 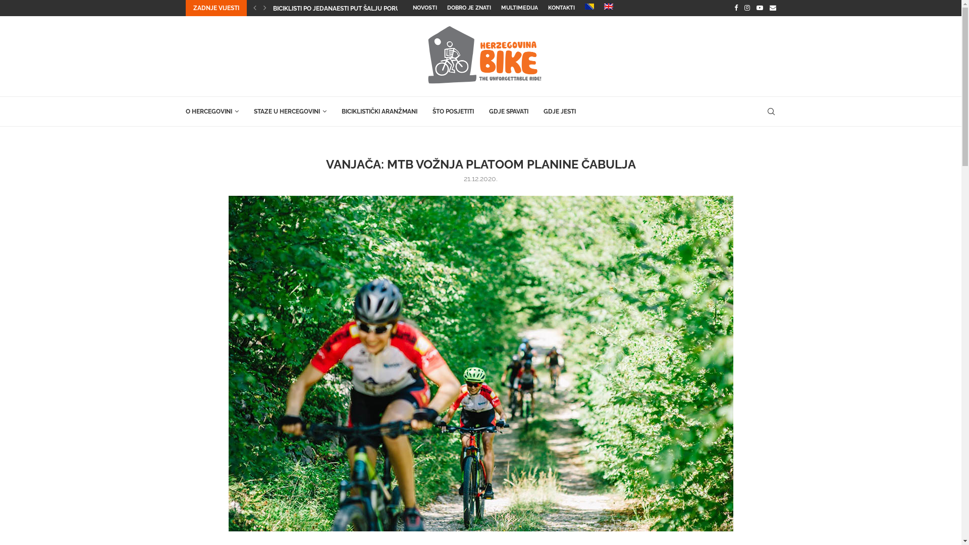 I want to click on 'GDJE JESTI', so click(x=559, y=111).